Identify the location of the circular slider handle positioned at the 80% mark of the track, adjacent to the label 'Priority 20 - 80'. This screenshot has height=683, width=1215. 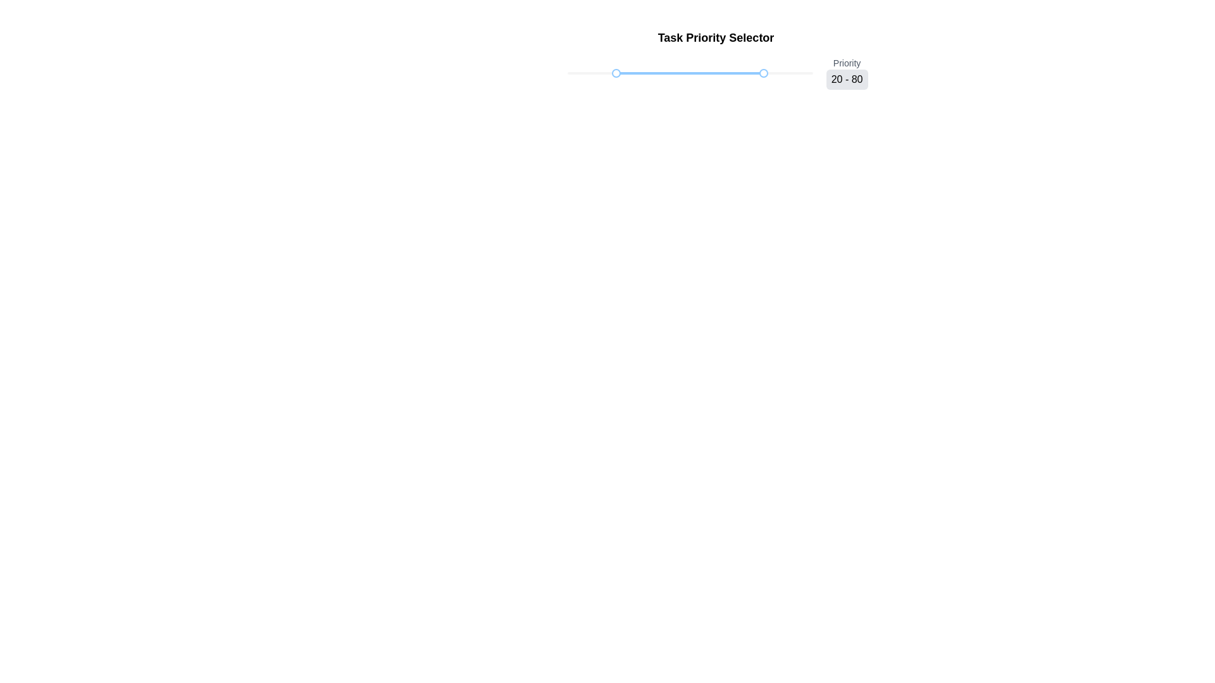
(763, 73).